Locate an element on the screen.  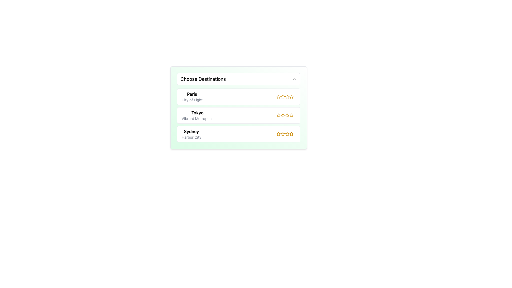
the List Item representing 'Sydney' in the 'Choose Destinations' section is located at coordinates (191, 134).